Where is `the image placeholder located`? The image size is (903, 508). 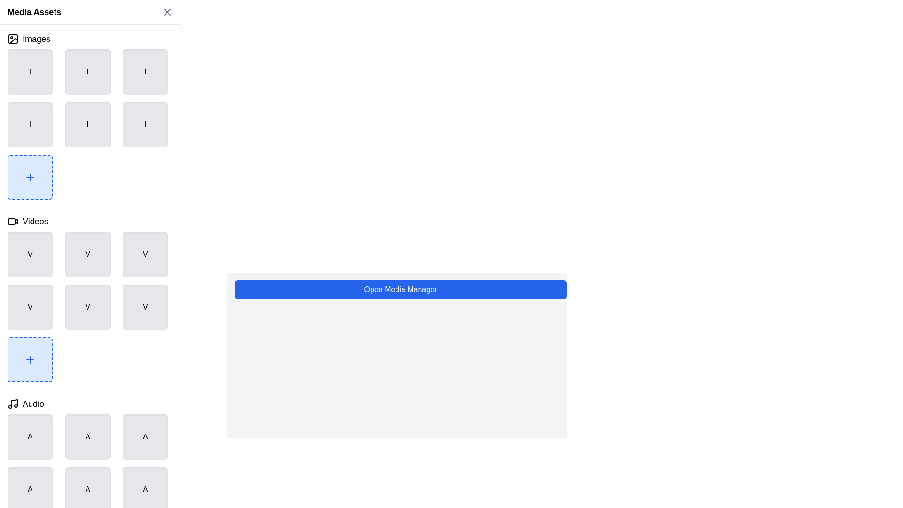 the image placeholder located is located at coordinates (90, 124).